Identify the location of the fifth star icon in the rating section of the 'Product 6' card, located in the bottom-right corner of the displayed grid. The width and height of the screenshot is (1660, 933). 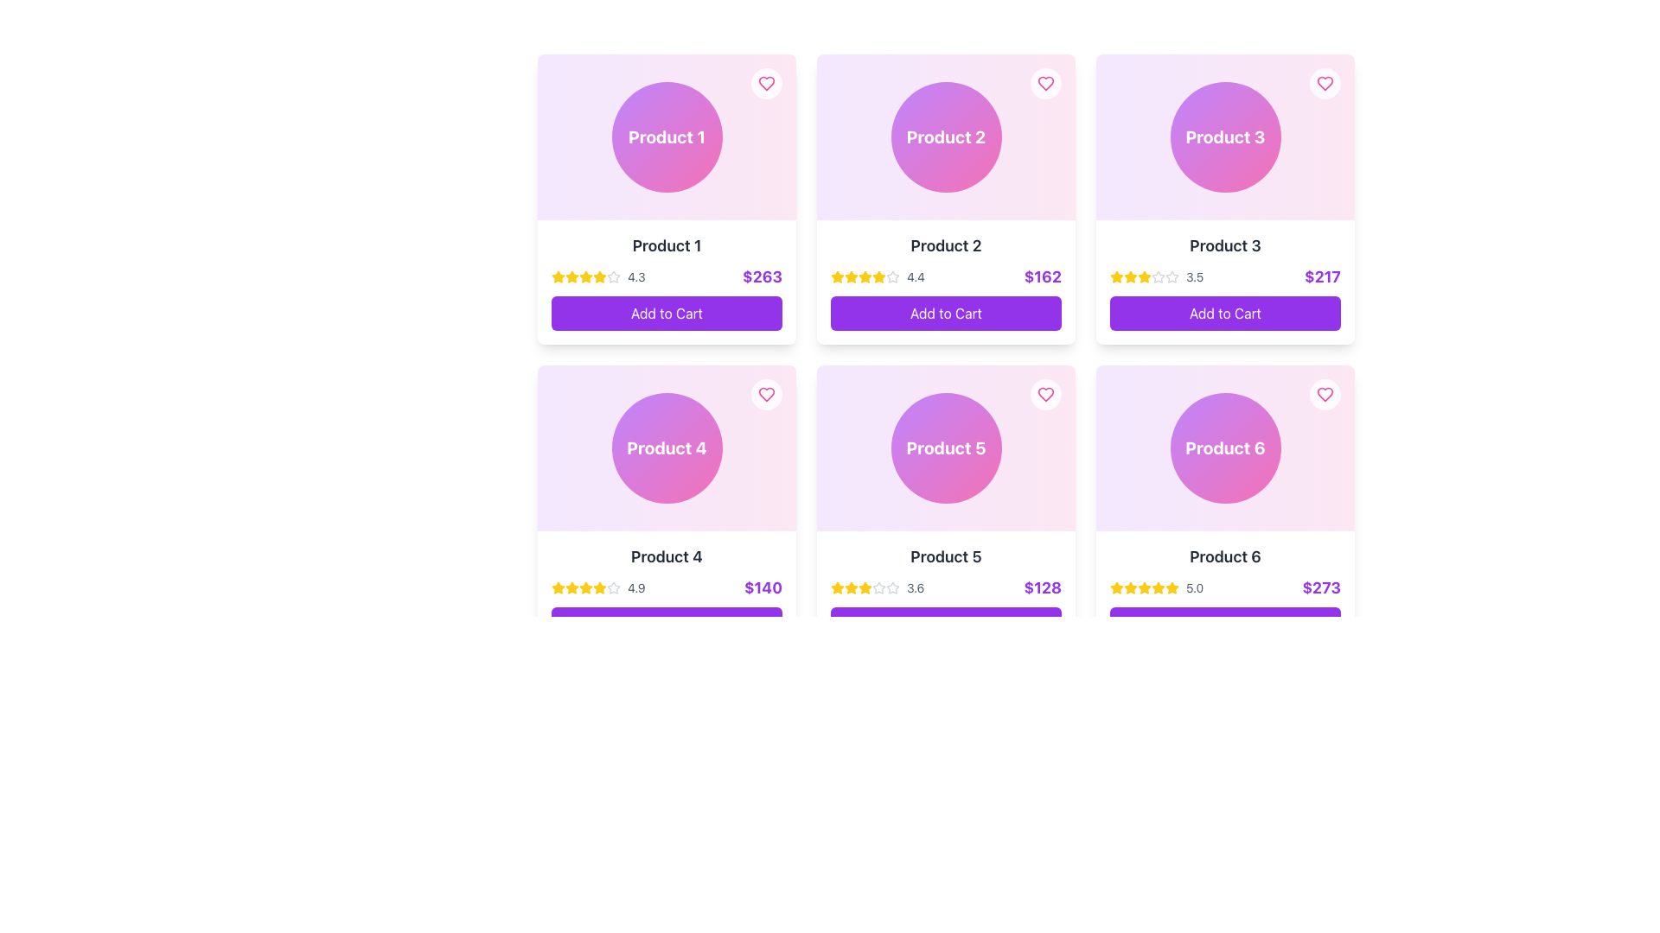
(1145, 587).